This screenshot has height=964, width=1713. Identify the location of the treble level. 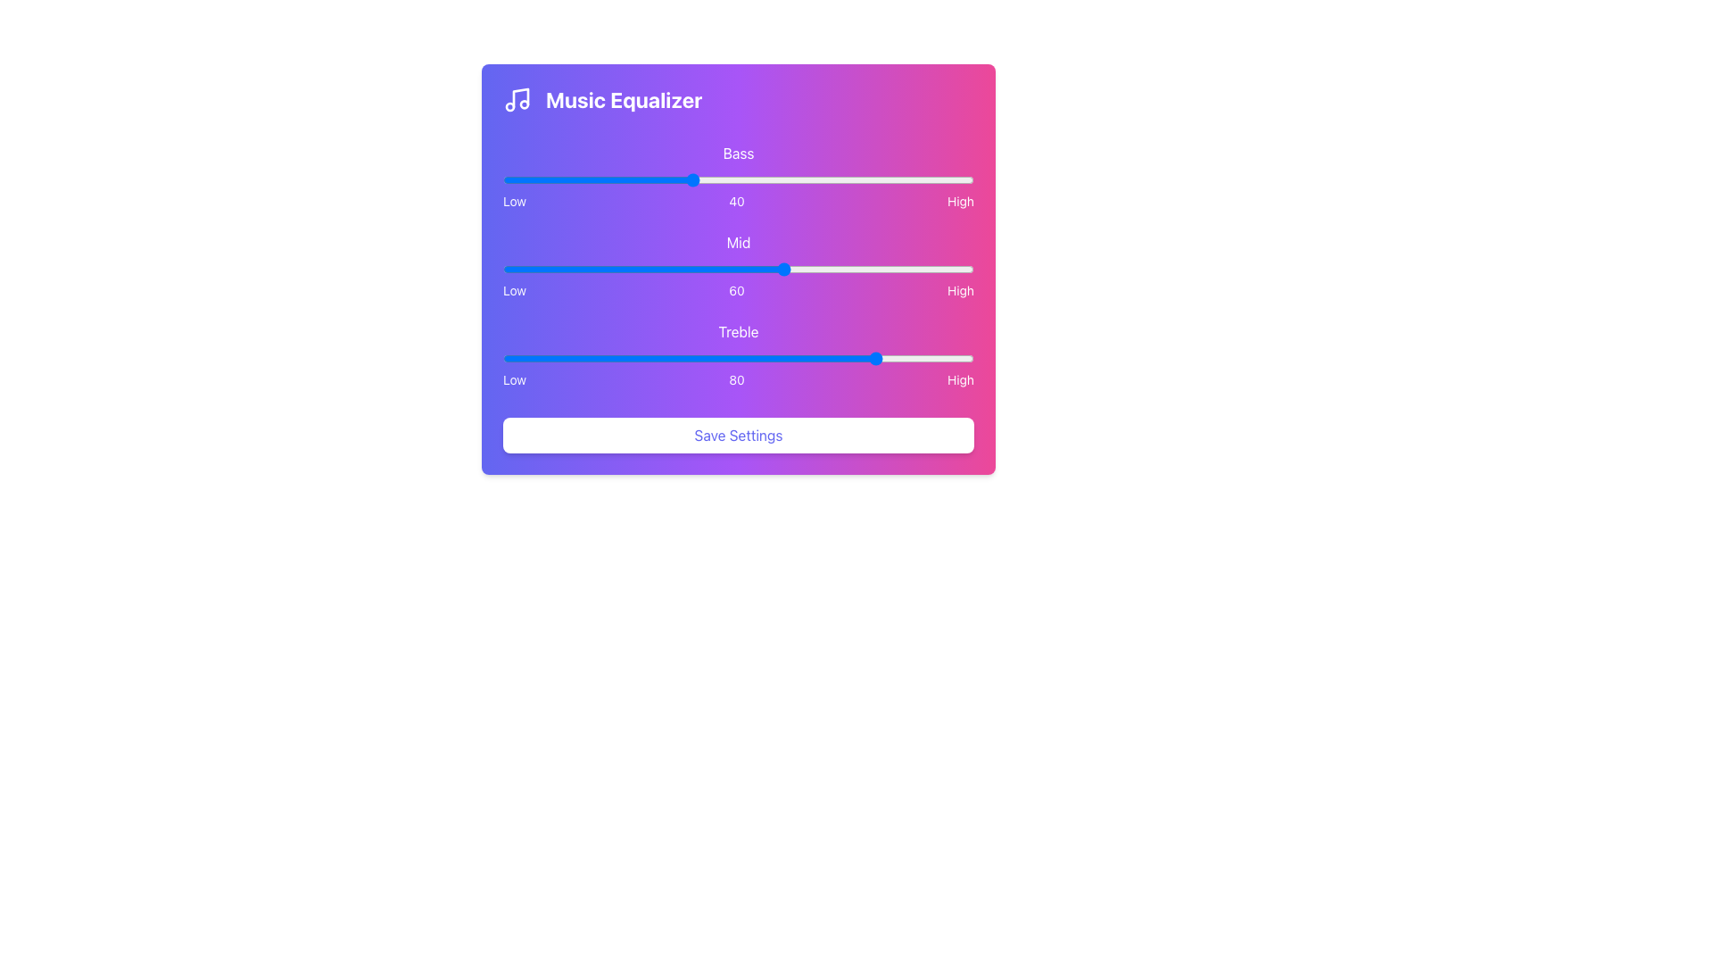
(715, 358).